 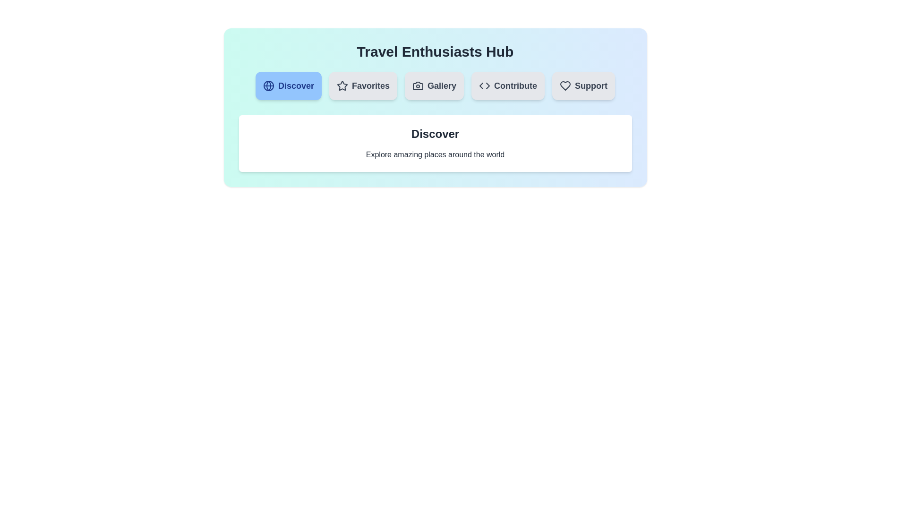 I want to click on the star-shaped icon within the 'Favorites' button, so click(x=342, y=85).